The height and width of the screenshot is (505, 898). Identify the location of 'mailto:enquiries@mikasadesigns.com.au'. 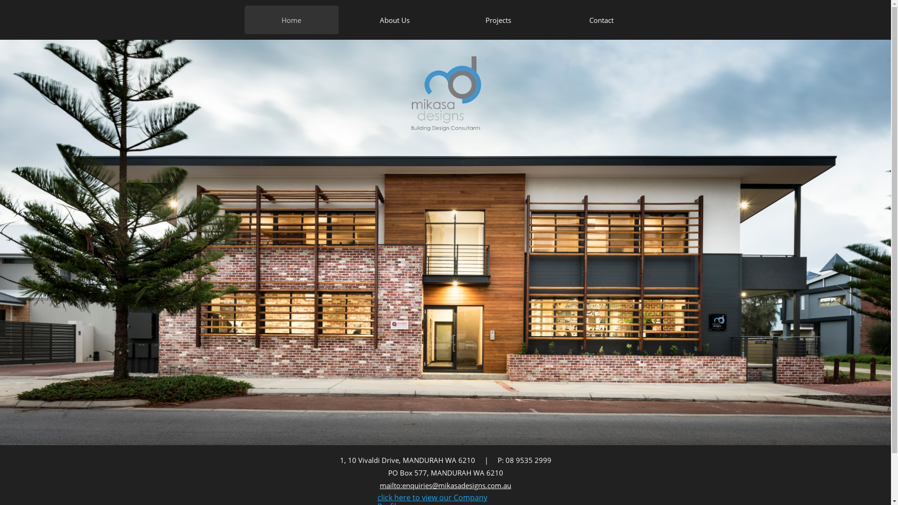
(445, 484).